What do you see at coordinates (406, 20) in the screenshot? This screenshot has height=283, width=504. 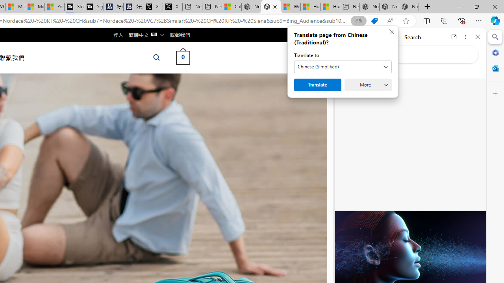 I see `'Add this page to favorites (Ctrl+D)'` at bounding box center [406, 20].